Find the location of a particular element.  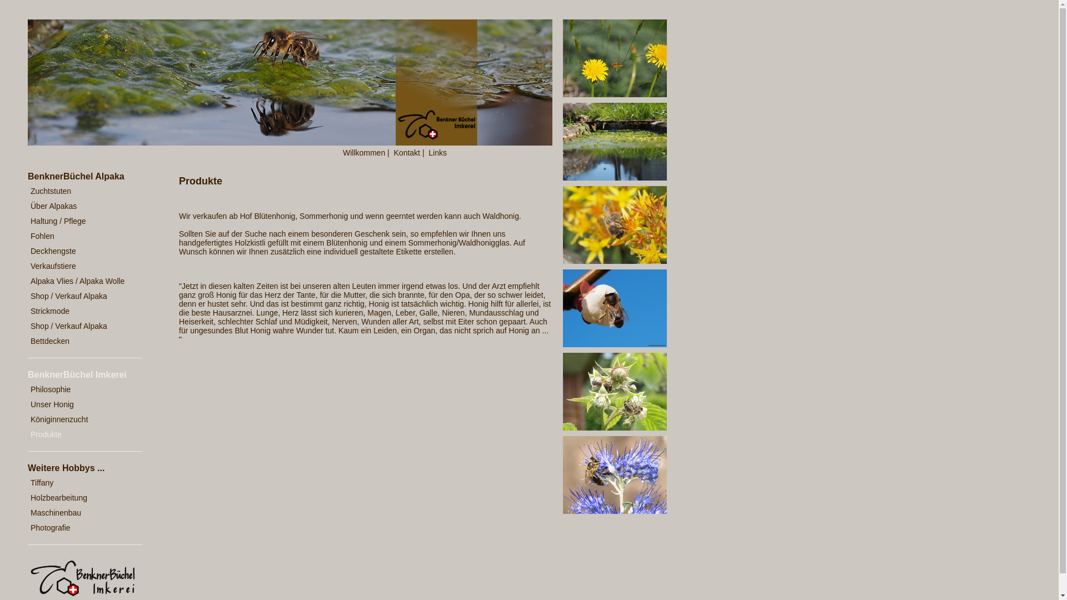

'Shop / Verkauf Alpaka Bettdecken' is located at coordinates (27, 333).